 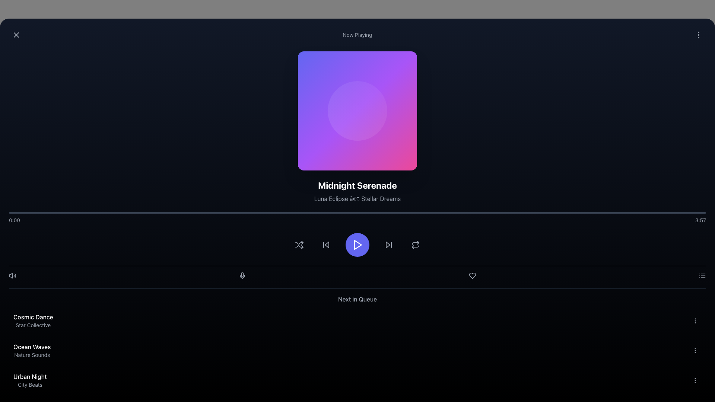 I want to click on the microphone icon button, which is the second icon from the left in a horizontal group, so click(x=242, y=275).